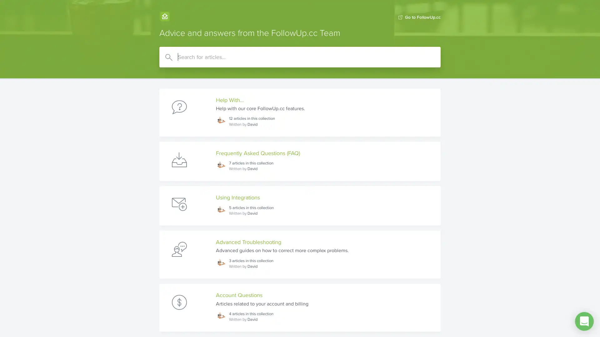 The image size is (600, 337). Describe the element at coordinates (584, 321) in the screenshot. I see `Open Intercom Messenger` at that location.